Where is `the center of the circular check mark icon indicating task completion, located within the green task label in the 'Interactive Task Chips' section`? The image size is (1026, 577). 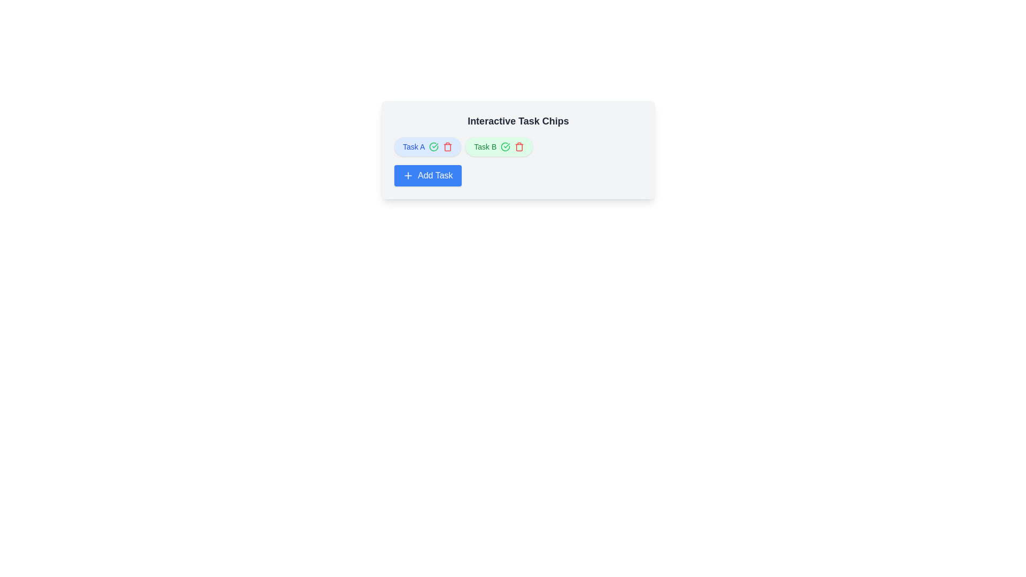 the center of the circular check mark icon indicating task completion, located within the green task label in the 'Interactive Task Chips' section is located at coordinates (434, 146).